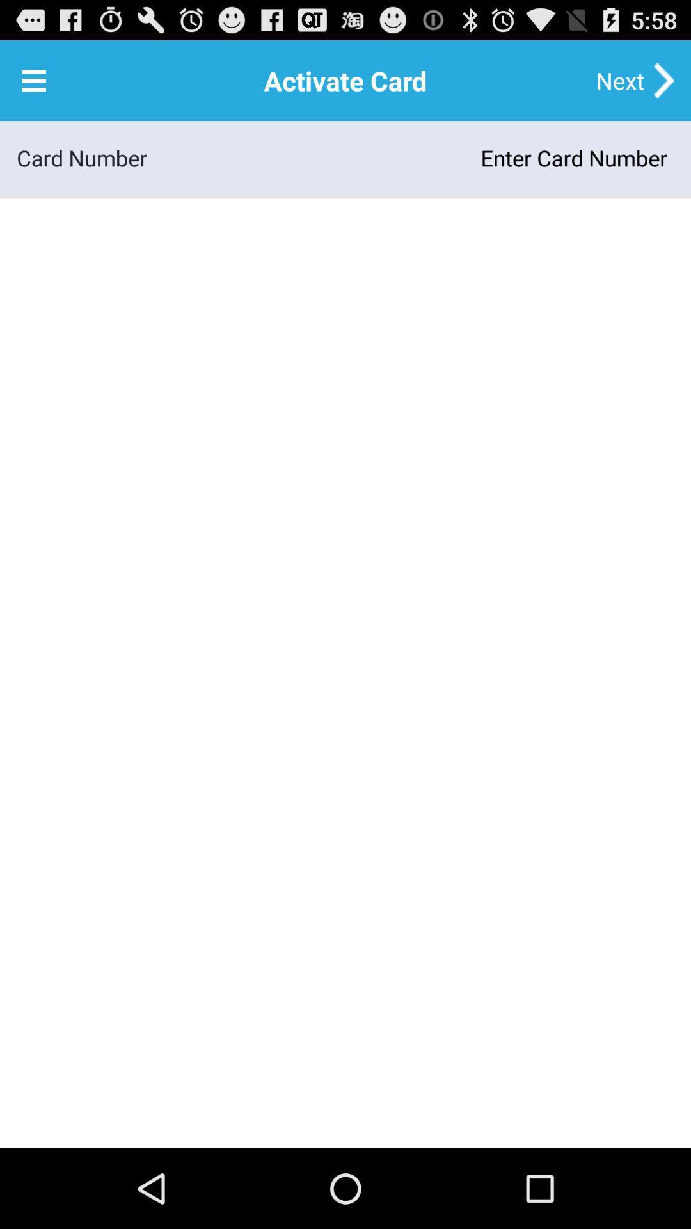 The height and width of the screenshot is (1229, 691). Describe the element at coordinates (33, 79) in the screenshot. I see `icon next to the activate card app` at that location.